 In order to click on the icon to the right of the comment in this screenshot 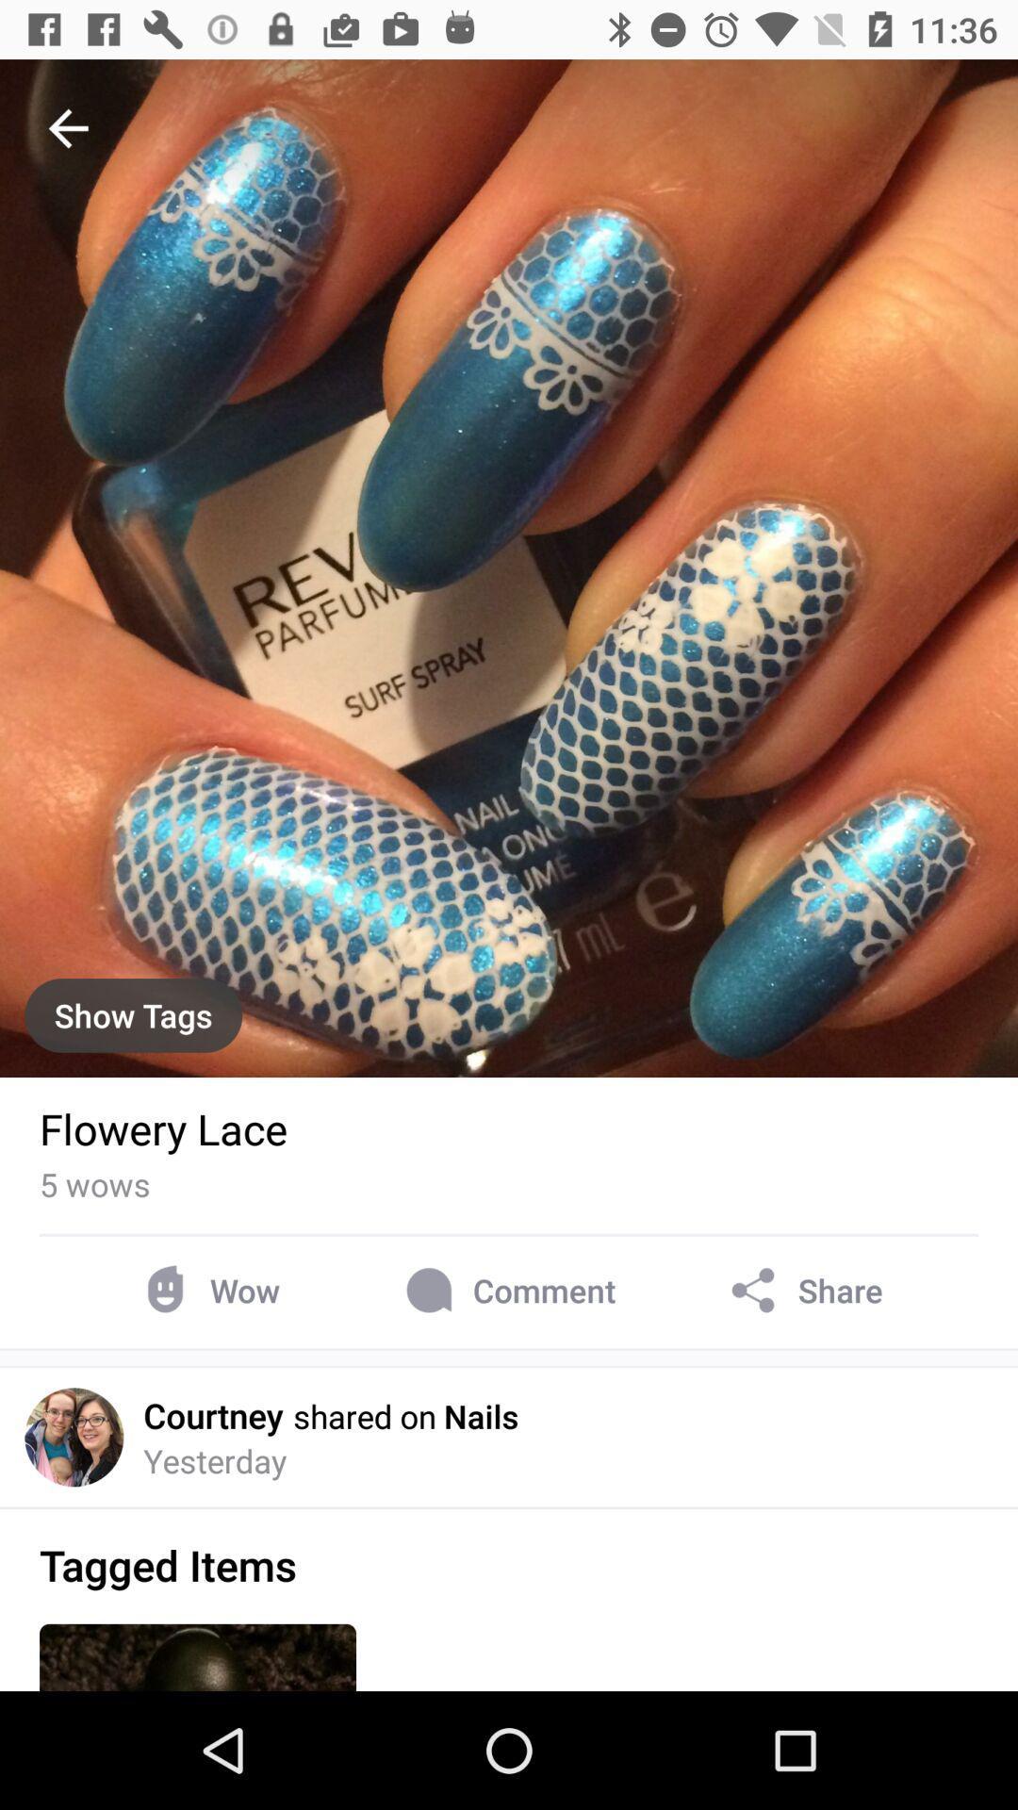, I will do `click(803, 1290)`.